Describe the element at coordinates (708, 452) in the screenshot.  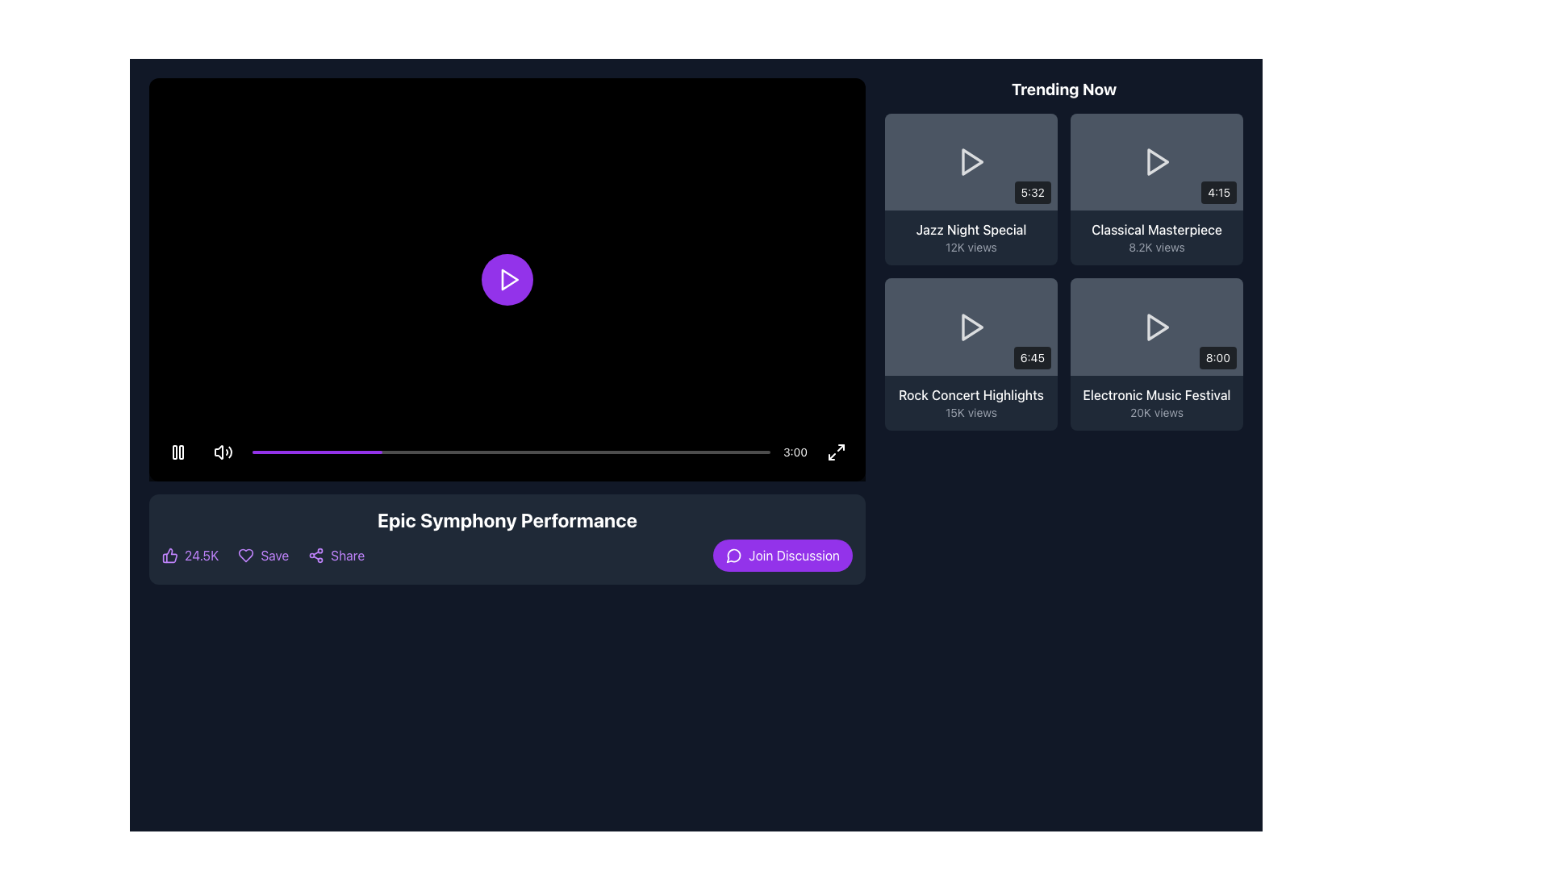
I see `the video playback progress` at that location.